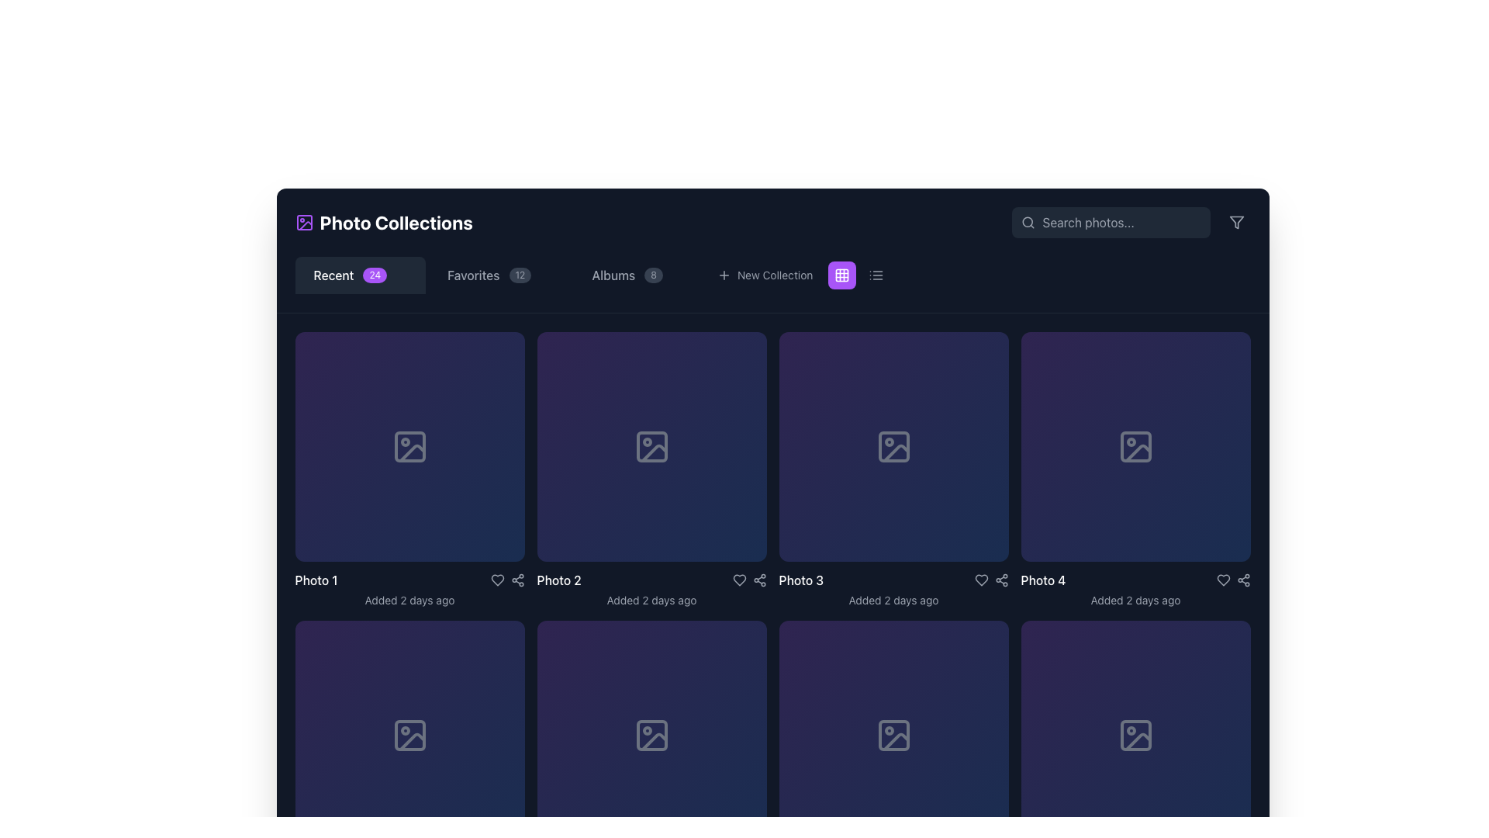  I want to click on the SVG rectangle that represents an empty or missing photo, located in the fourth row and fourth column of the grid layout, so click(893, 735).